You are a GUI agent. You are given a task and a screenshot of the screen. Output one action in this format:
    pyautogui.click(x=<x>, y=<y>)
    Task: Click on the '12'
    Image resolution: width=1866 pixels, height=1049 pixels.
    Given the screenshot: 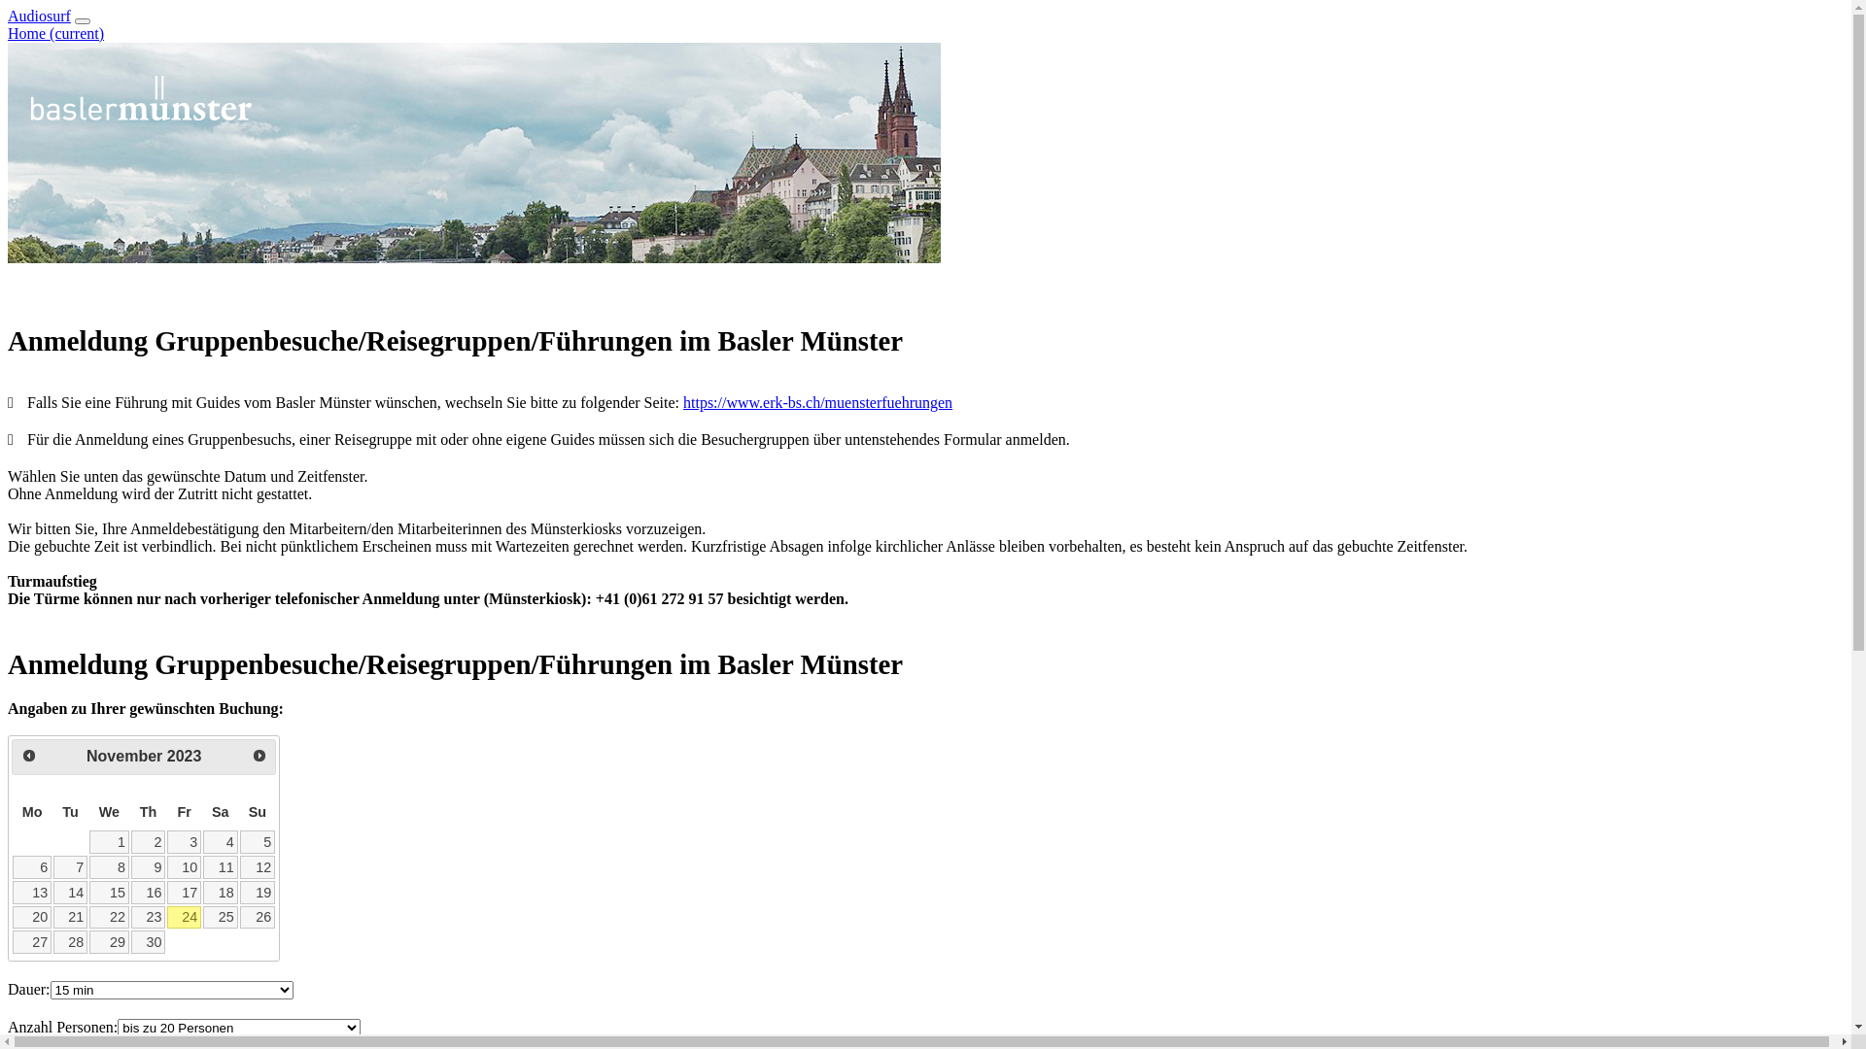 What is the action you would take?
    pyautogui.click(x=257, y=866)
    